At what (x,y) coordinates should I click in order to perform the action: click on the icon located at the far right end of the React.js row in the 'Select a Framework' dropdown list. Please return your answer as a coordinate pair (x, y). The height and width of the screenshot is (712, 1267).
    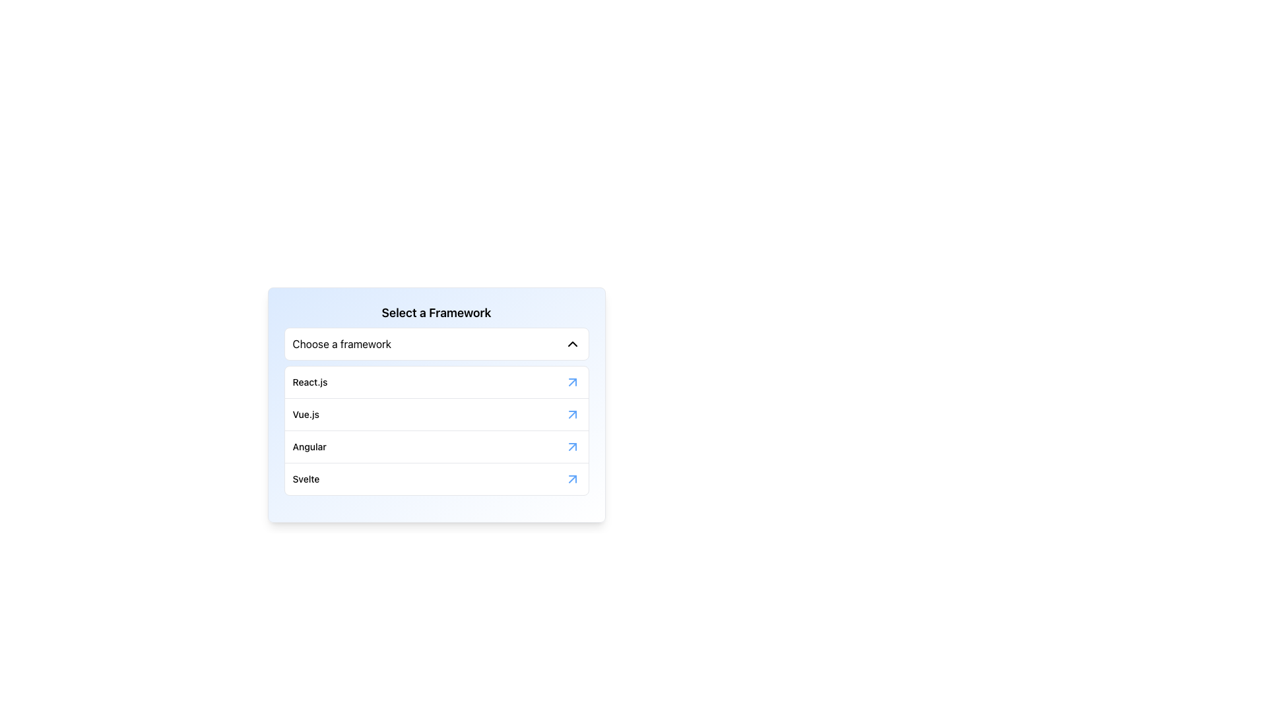
    Looking at the image, I should click on (572, 382).